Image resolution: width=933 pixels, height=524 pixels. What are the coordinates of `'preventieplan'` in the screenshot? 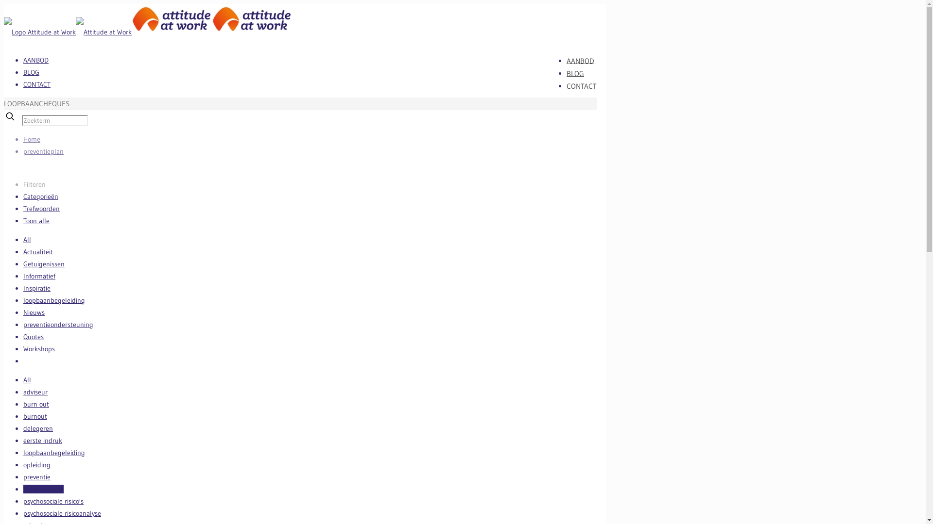 It's located at (43, 151).